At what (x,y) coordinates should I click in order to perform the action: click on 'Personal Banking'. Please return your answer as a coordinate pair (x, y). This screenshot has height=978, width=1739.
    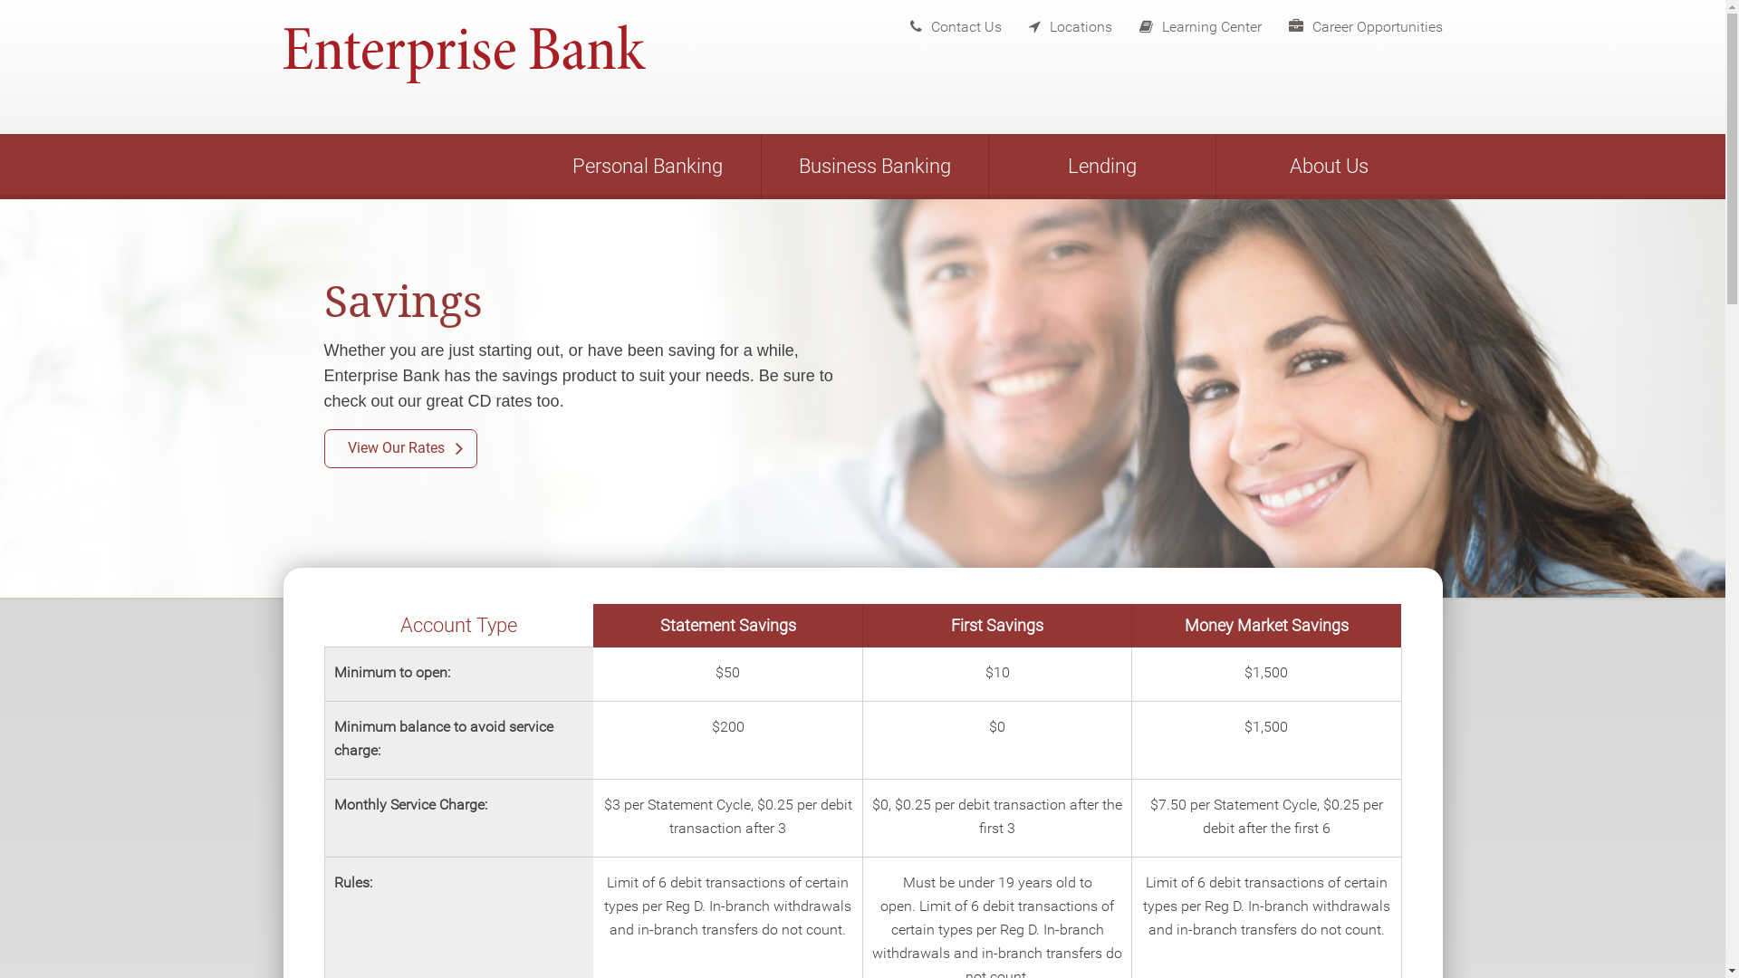
    Looking at the image, I should click on (648, 167).